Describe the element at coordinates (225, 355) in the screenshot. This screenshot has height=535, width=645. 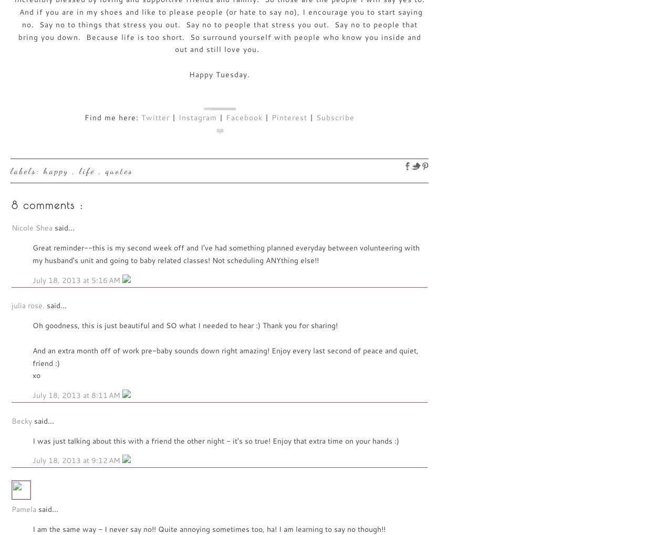
I see `'And an extra month off of work pre-baby sounds down right amazing! Enjoy every last second of peace and quiet, friend :)'` at that location.